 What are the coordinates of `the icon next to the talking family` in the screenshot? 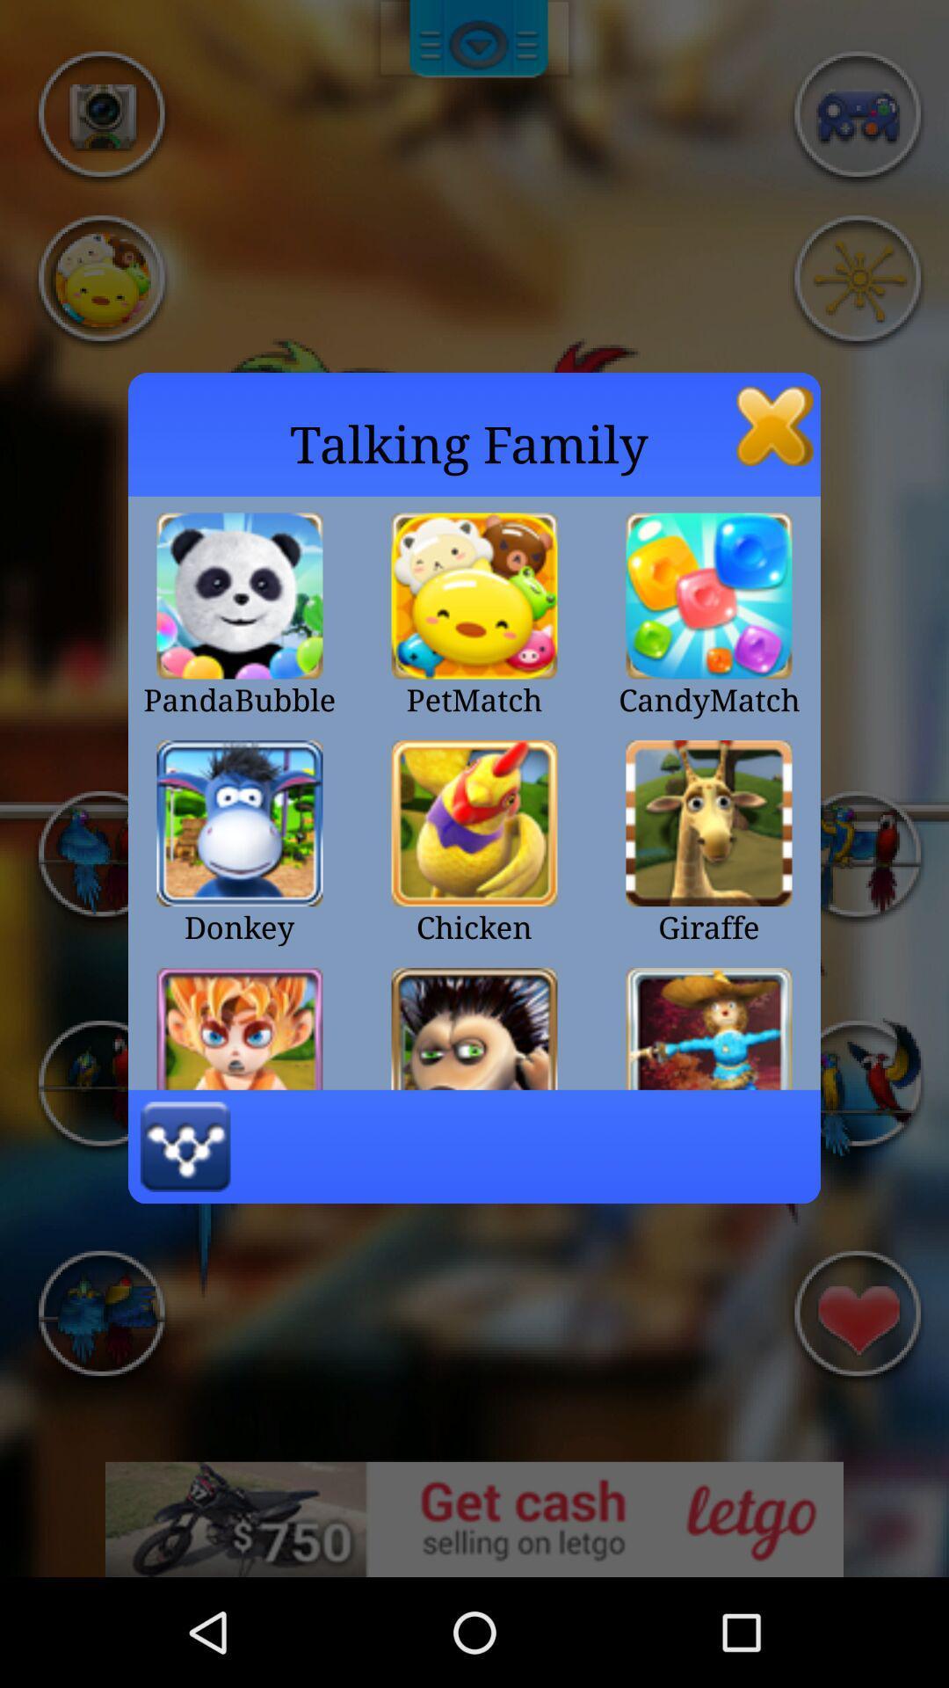 It's located at (774, 426).